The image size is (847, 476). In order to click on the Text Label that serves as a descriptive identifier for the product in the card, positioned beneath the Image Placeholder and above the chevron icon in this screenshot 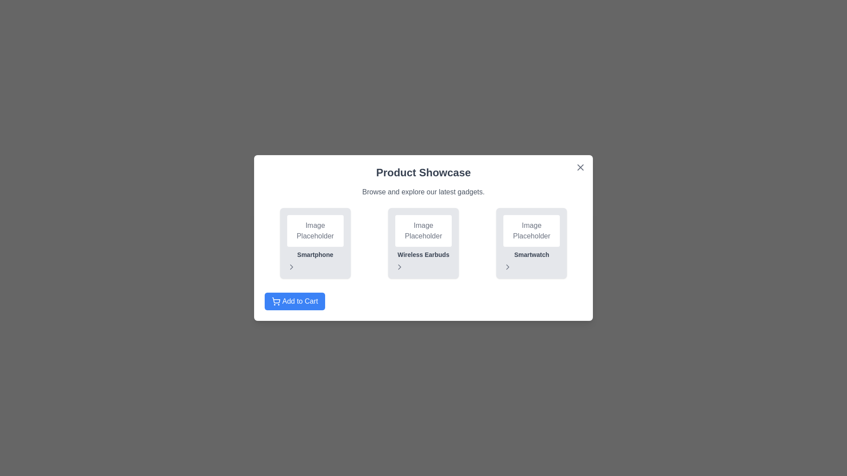, I will do `click(315, 255)`.